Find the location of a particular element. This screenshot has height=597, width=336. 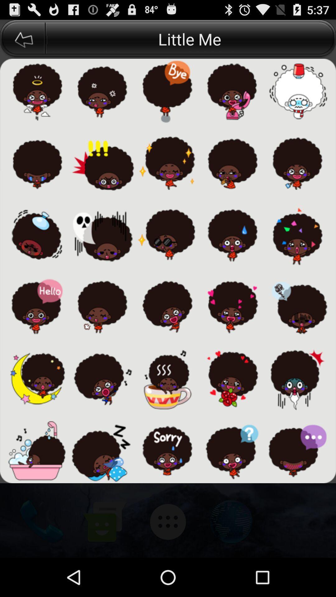

the arrow_backward icon is located at coordinates (22, 41).